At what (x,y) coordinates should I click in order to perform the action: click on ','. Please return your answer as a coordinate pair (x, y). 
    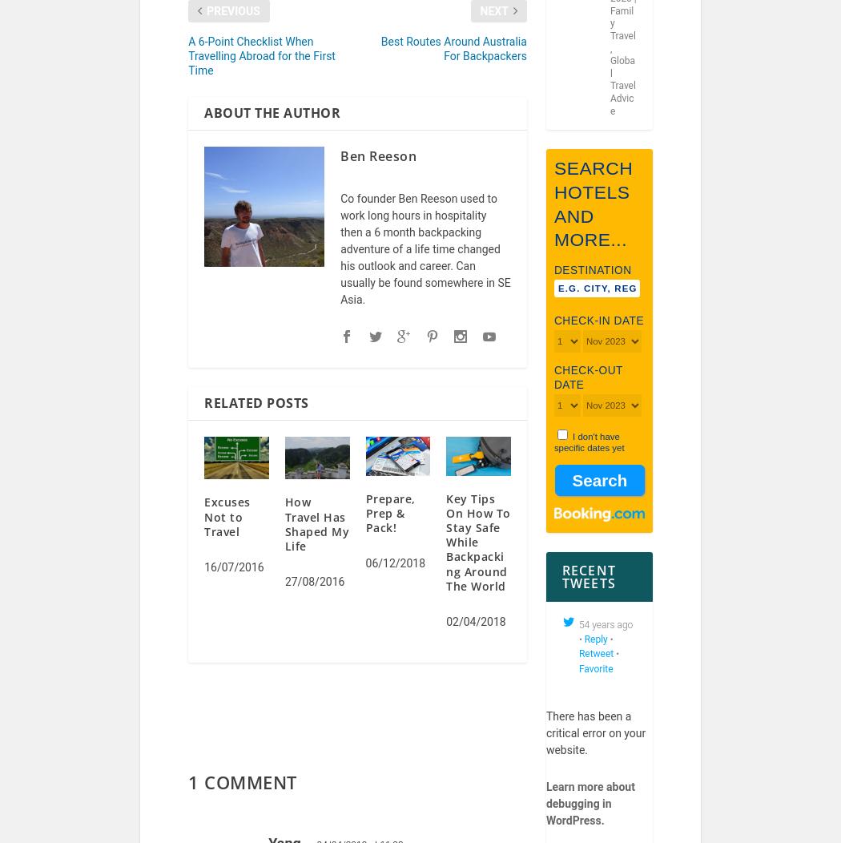
    Looking at the image, I should click on (610, 58).